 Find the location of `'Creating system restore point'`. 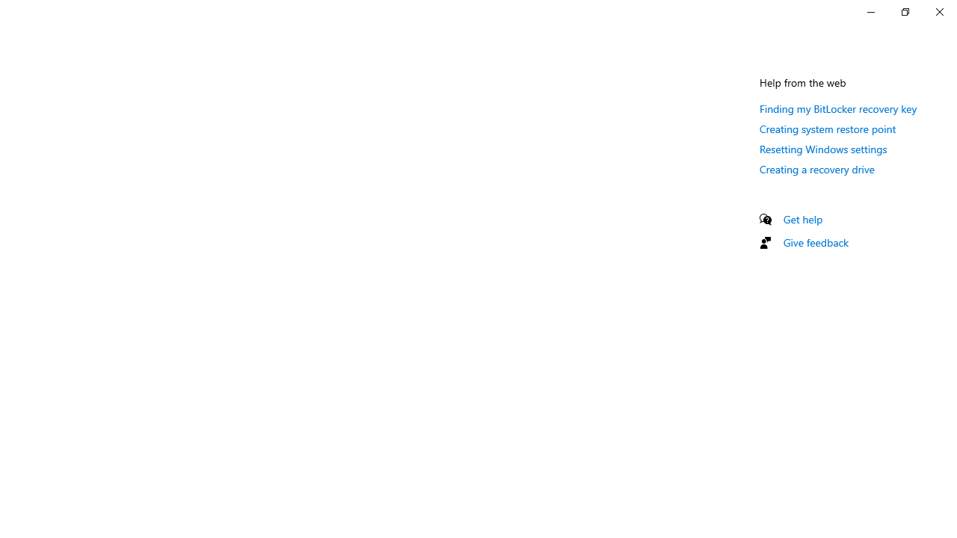

'Creating system restore point' is located at coordinates (827, 128).